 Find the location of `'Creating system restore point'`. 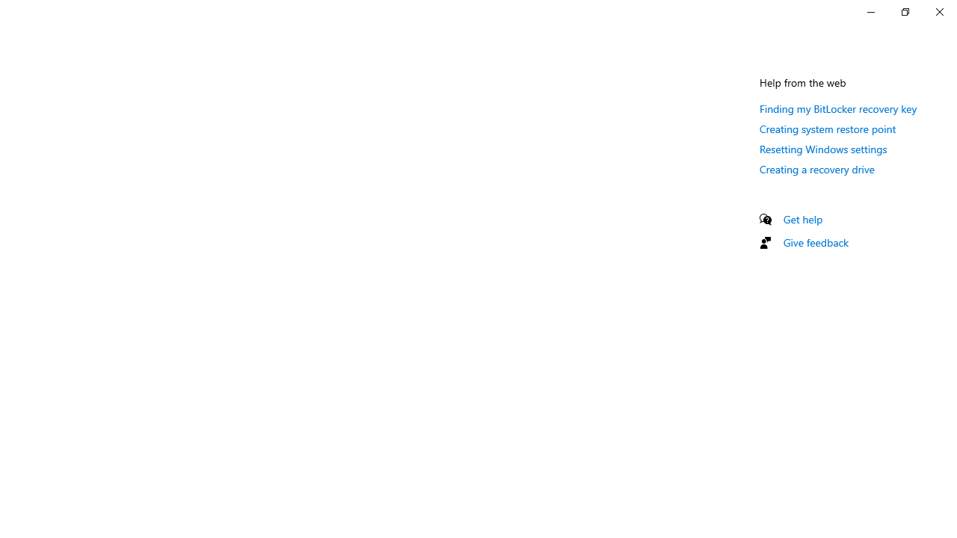

'Creating system restore point' is located at coordinates (827, 128).